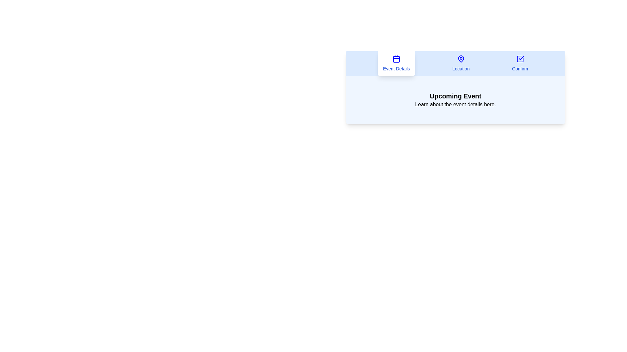 This screenshot has height=352, width=627. I want to click on the Event Details tab, so click(396, 64).